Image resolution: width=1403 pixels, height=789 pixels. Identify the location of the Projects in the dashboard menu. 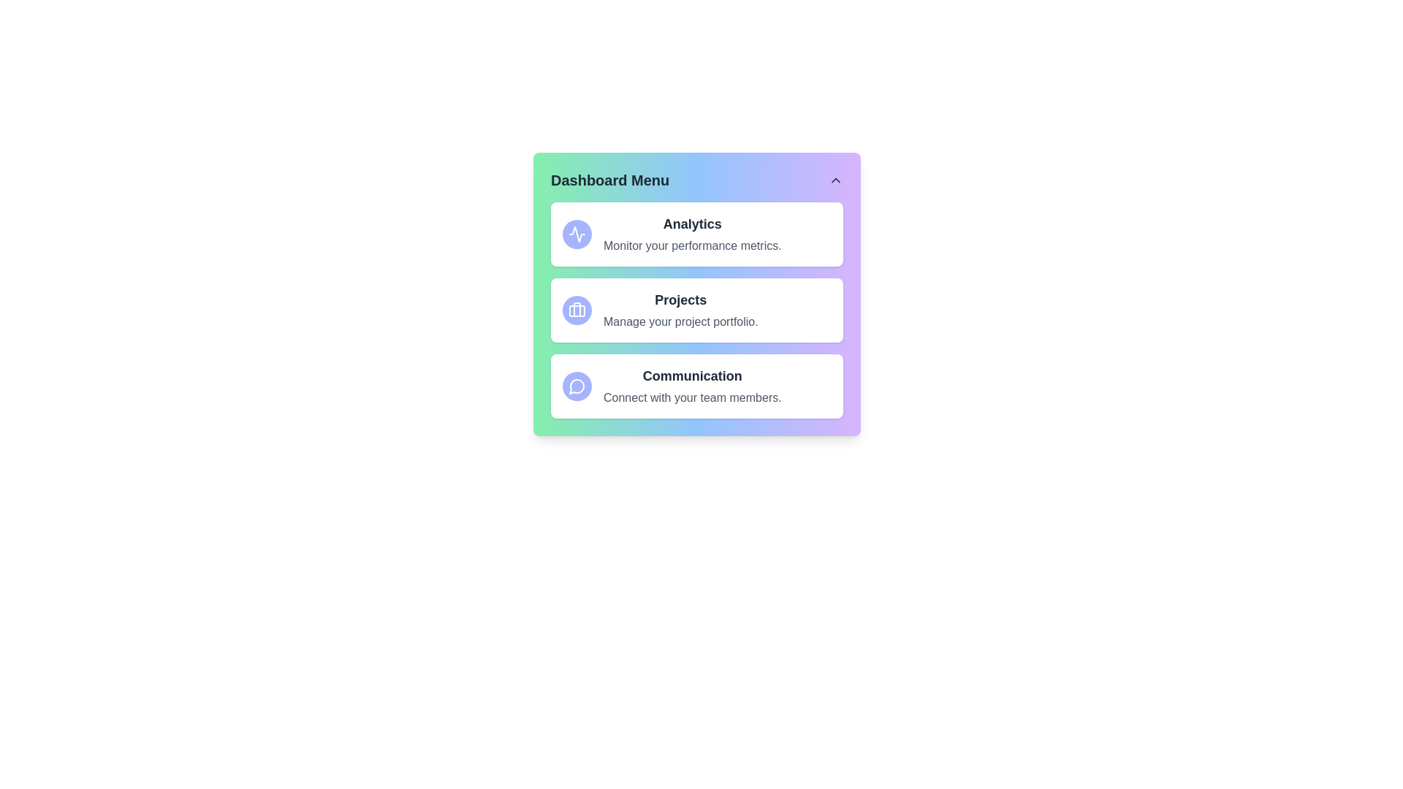
(577, 309).